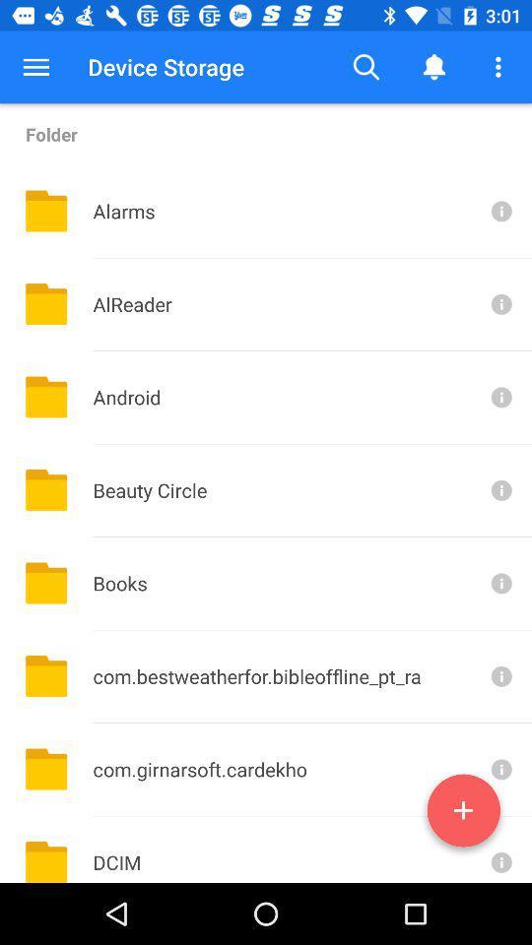  What do you see at coordinates (499, 211) in the screenshot?
I see `get more info` at bounding box center [499, 211].